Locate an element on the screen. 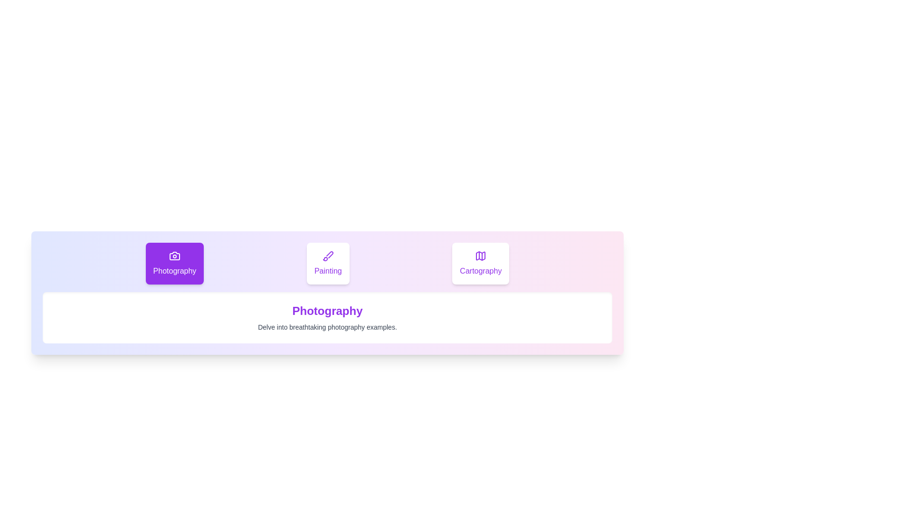 This screenshot has height=513, width=912. the tab labeled Painting to switch to its content is located at coordinates (328, 264).